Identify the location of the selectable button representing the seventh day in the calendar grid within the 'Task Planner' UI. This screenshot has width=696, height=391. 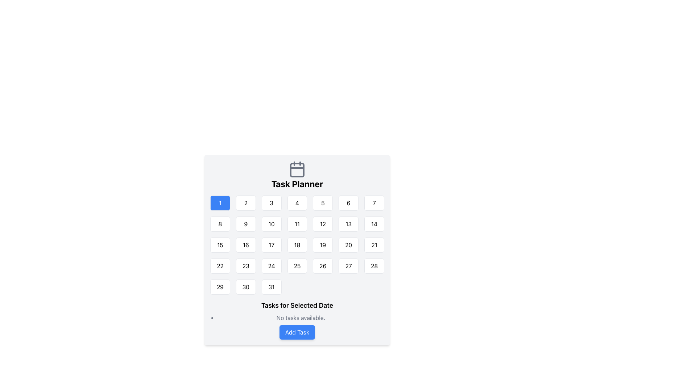
(374, 203).